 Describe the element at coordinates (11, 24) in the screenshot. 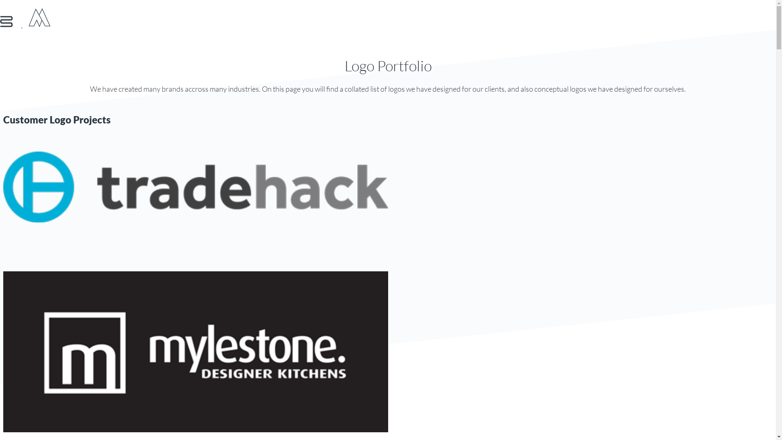

I see `'Show Menu'` at that location.